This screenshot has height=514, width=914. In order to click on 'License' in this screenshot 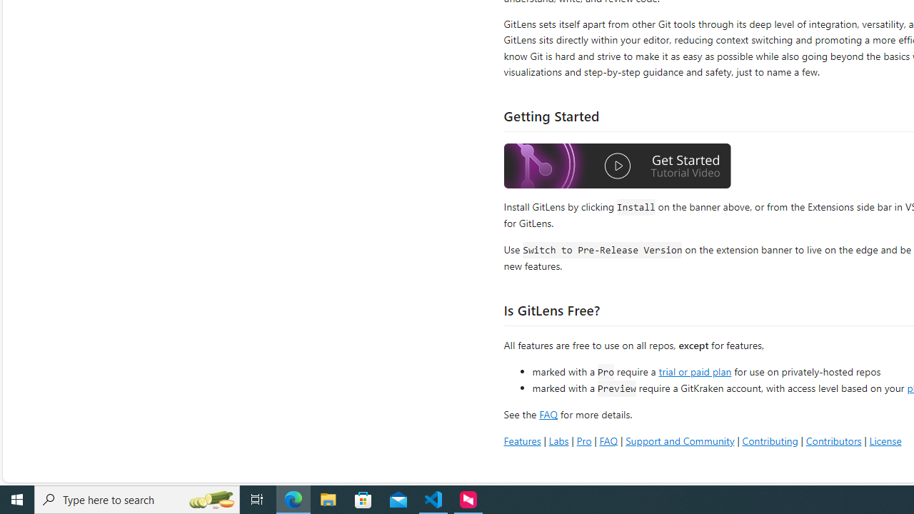, I will do `click(885, 440)`.